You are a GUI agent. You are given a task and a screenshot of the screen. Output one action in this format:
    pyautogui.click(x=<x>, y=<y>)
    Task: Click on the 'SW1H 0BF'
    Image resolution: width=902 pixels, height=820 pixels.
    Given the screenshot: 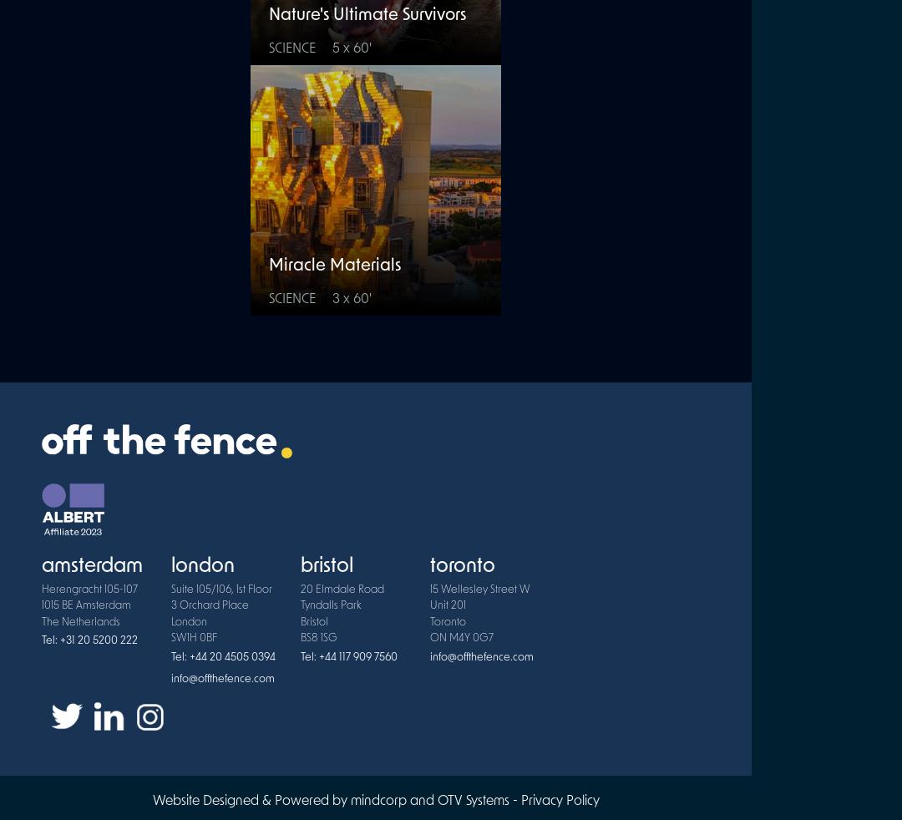 What is the action you would take?
    pyautogui.click(x=193, y=638)
    